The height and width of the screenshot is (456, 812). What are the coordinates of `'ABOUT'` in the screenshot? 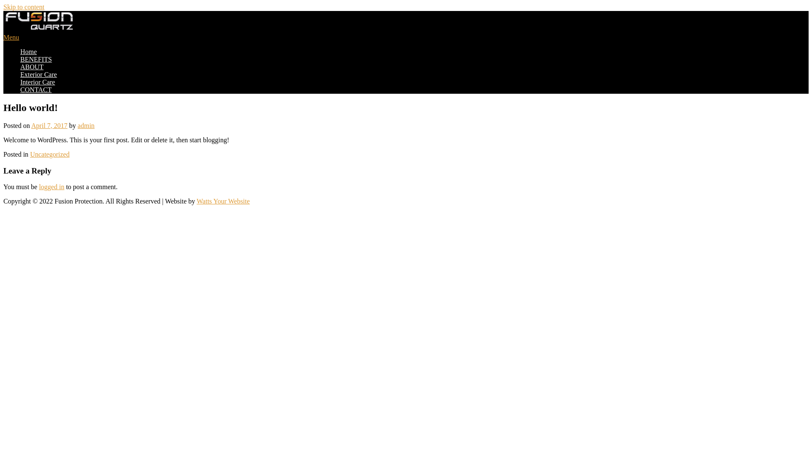 It's located at (32, 66).